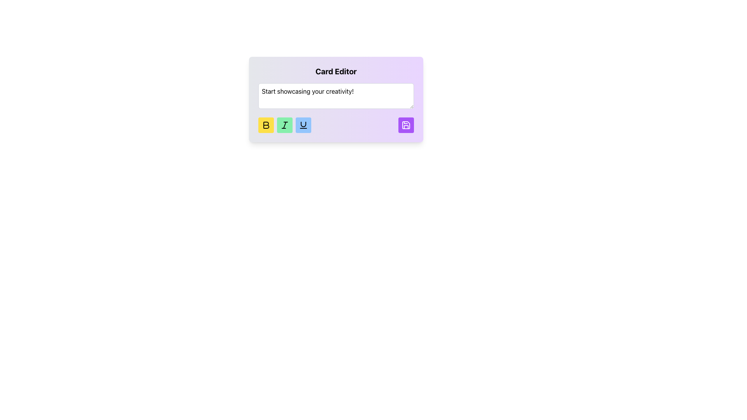 This screenshot has width=747, height=420. I want to click on the bold formatting button, which is the leftmost button in the formatting options row beneath the text input area in the Card Editor interface, to apply bold formatting to the selected text, so click(266, 124).